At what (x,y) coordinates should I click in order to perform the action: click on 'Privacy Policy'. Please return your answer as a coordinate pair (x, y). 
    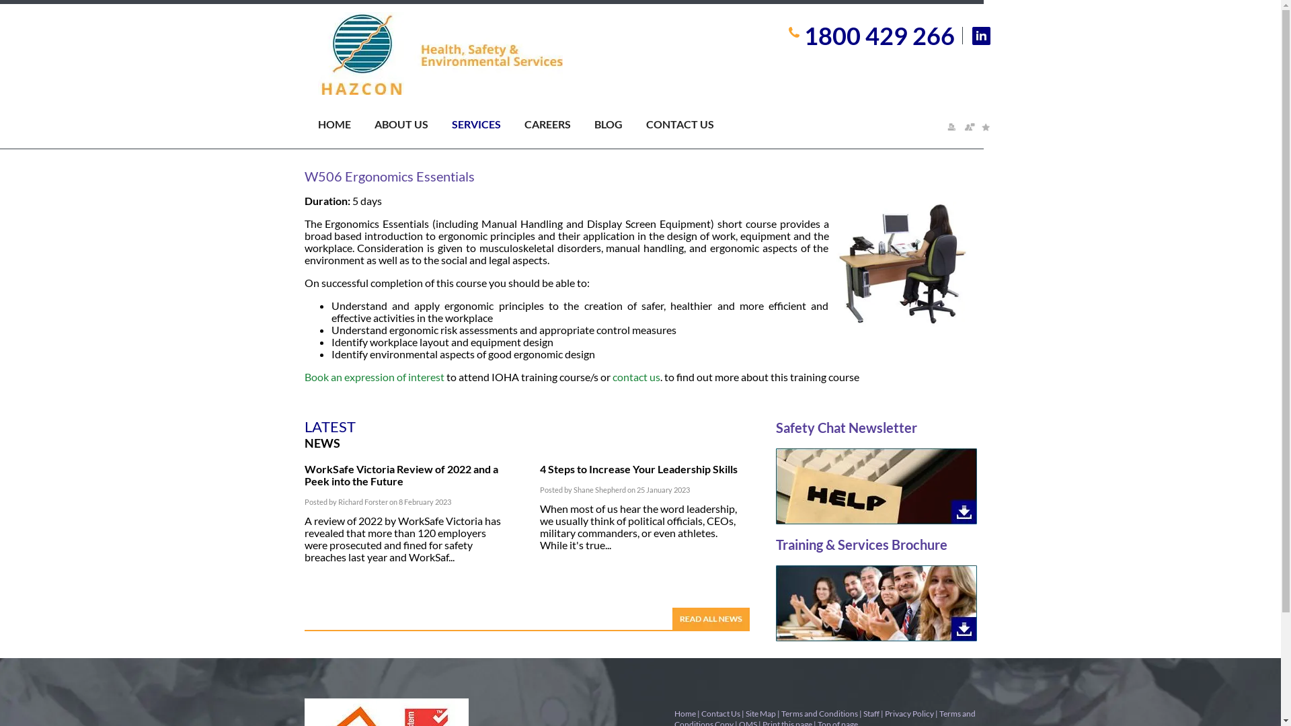
    Looking at the image, I should click on (909, 713).